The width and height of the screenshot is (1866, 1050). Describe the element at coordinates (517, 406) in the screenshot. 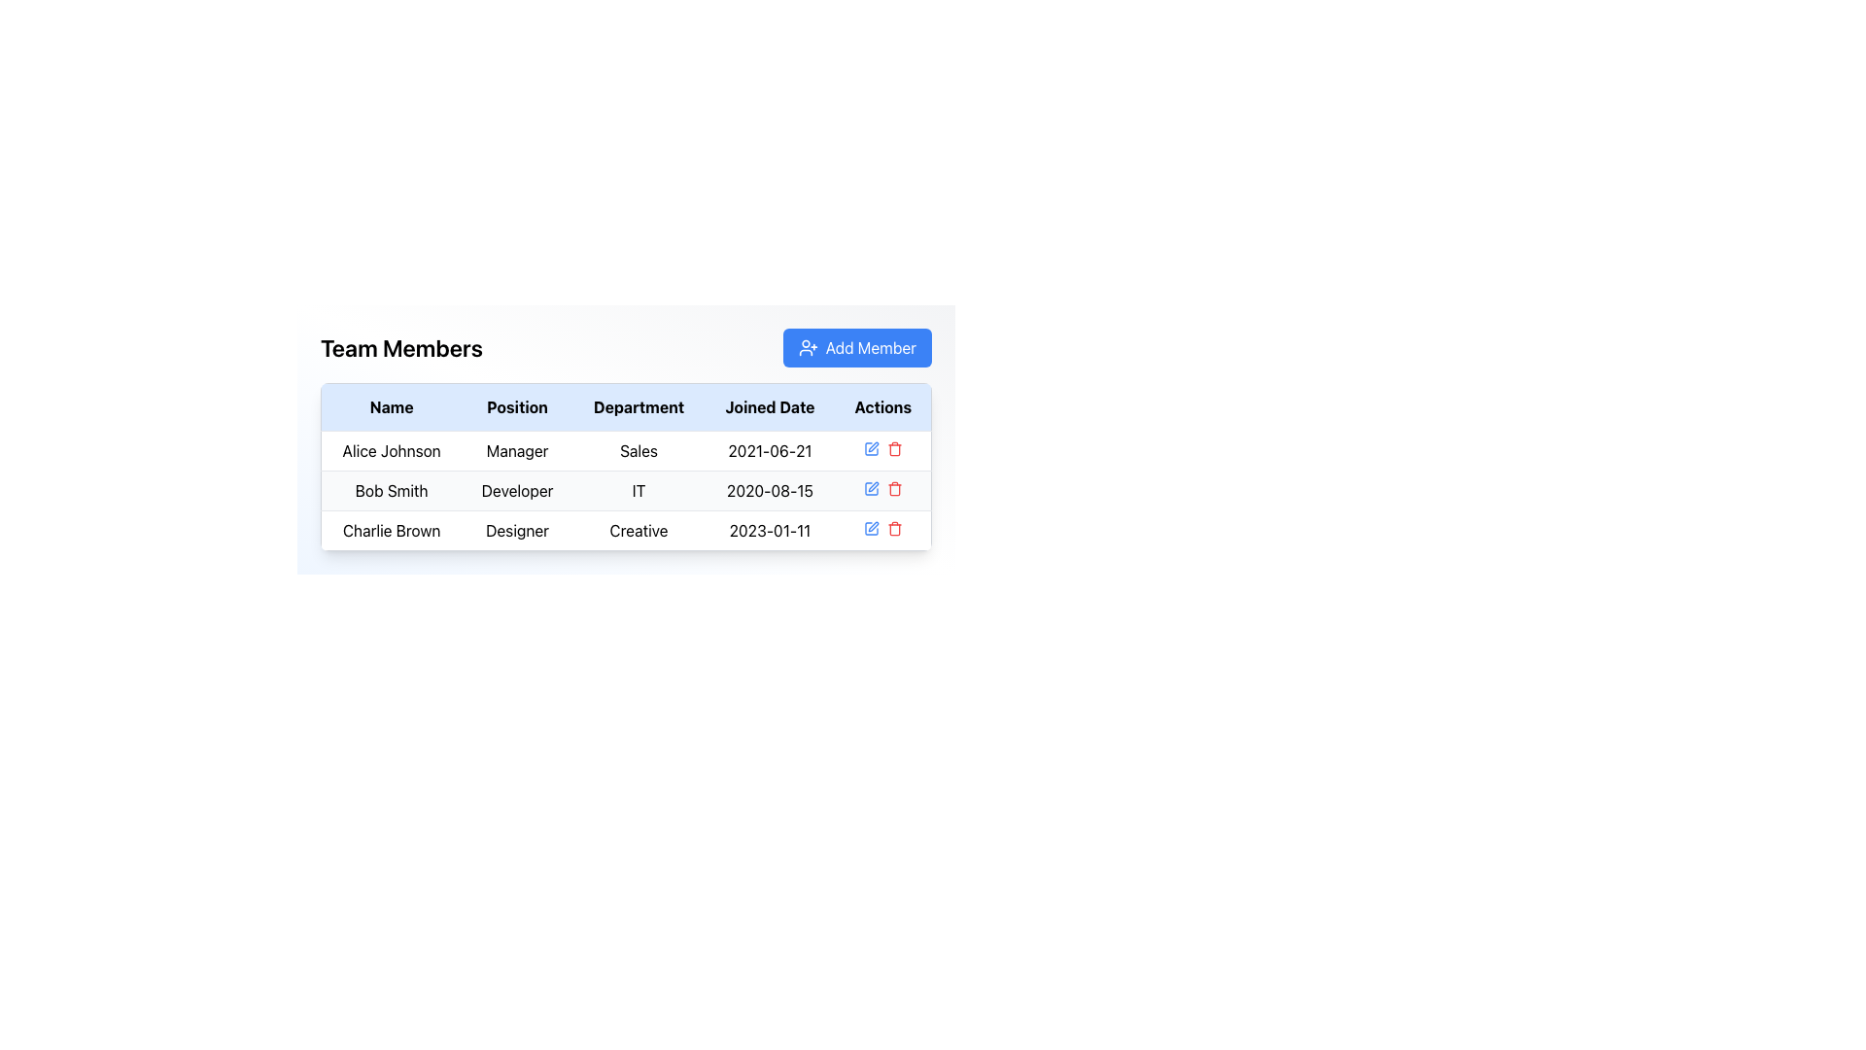

I see `the second header text label in the table that indicates the column contains information about positions of individuals listed, located between the 'Name' and 'Department' headers` at that location.